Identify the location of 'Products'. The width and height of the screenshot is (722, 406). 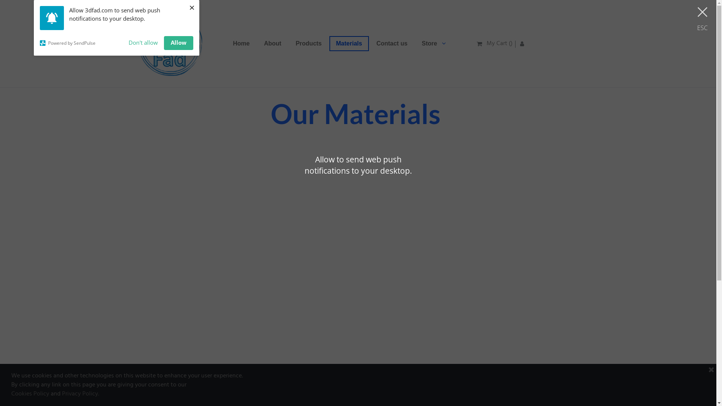
(308, 43).